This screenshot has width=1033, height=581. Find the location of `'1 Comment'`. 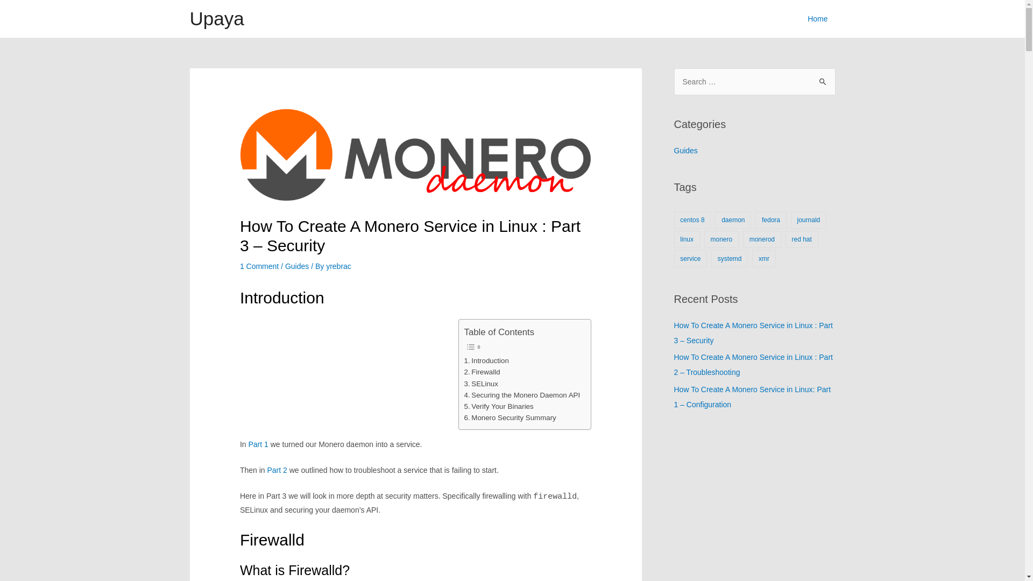

'1 Comment' is located at coordinates (239, 266).